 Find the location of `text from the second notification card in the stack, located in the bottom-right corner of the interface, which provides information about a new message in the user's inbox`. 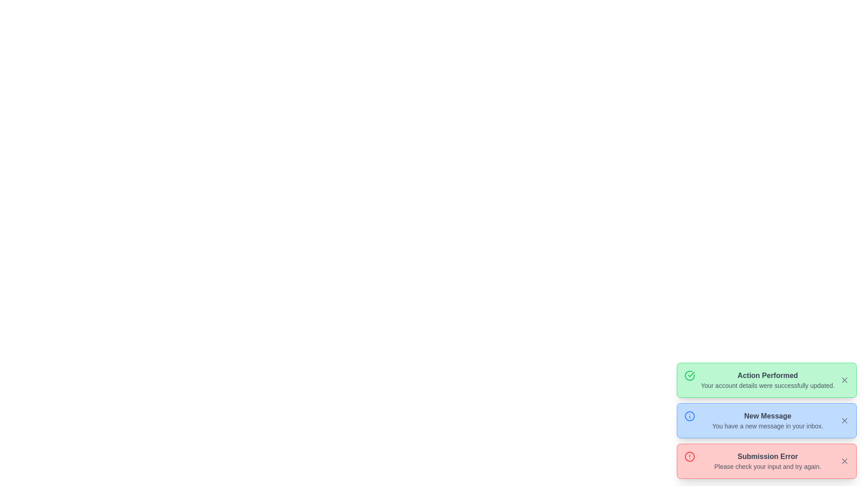

text from the second notification card in the stack, located in the bottom-right corner of the interface, which provides information about a new message in the user's inbox is located at coordinates (766, 420).